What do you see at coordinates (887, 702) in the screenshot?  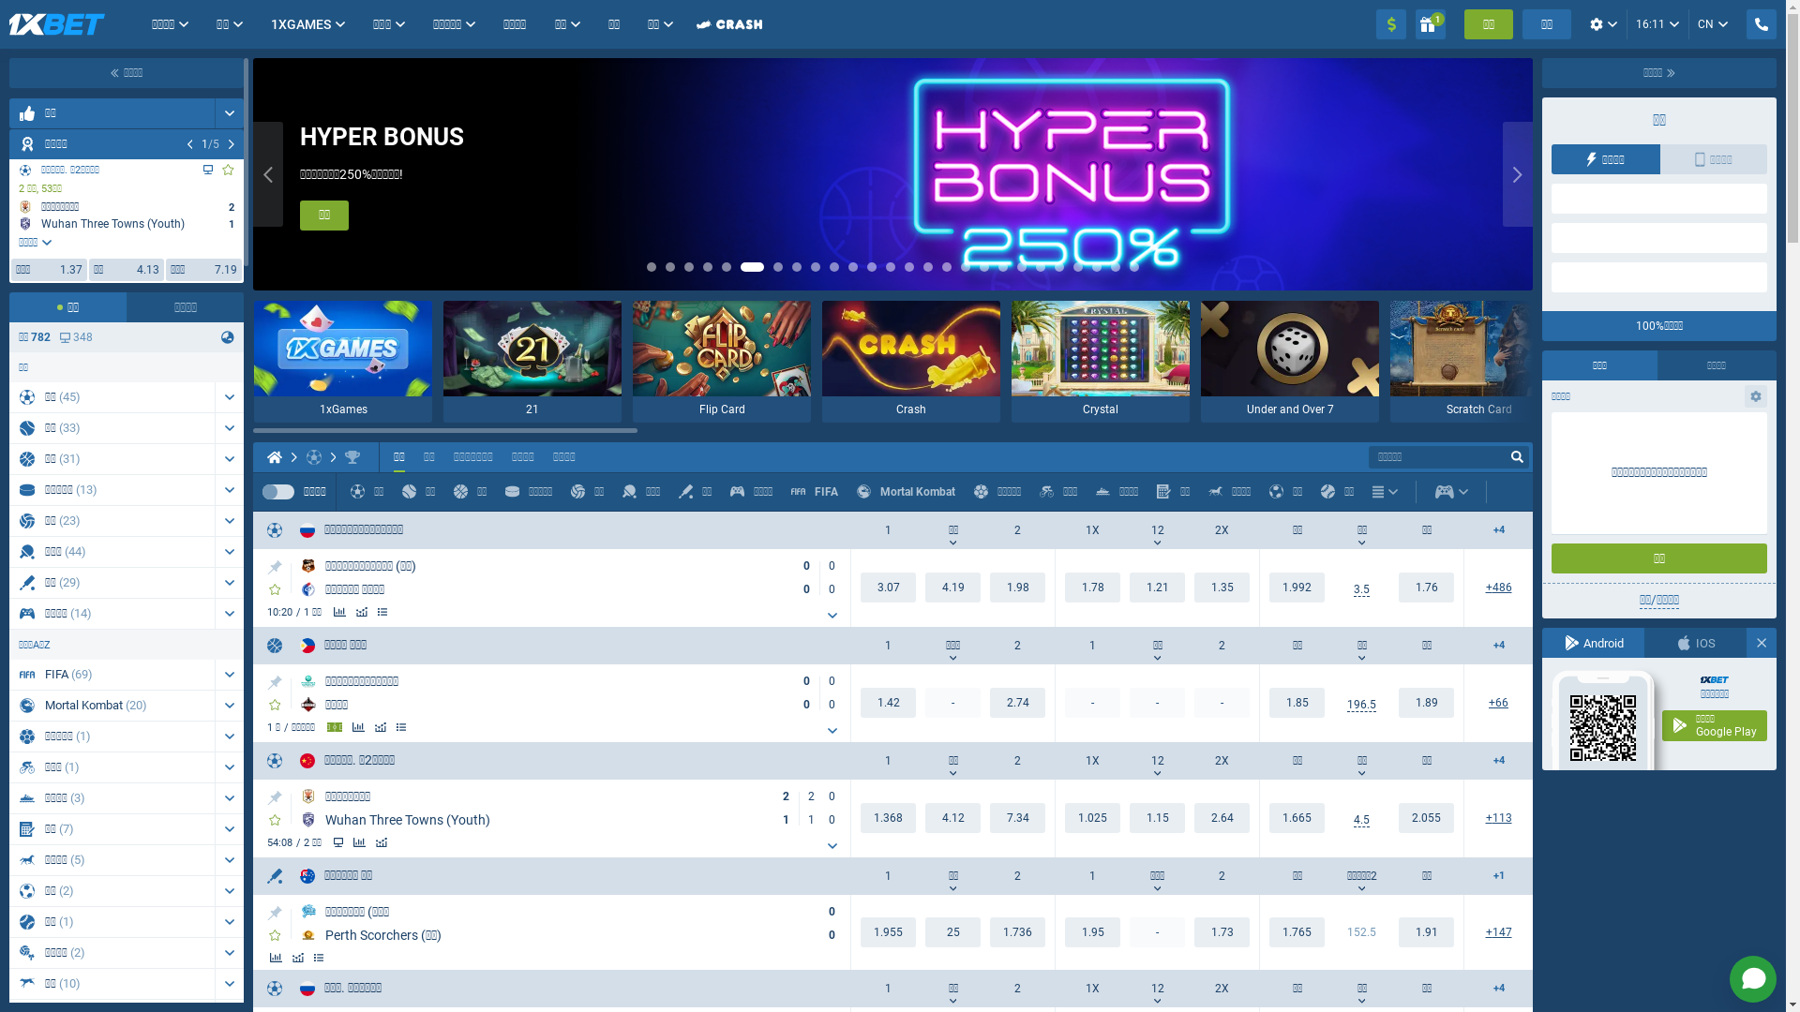 I see `'1.42'` at bounding box center [887, 702].